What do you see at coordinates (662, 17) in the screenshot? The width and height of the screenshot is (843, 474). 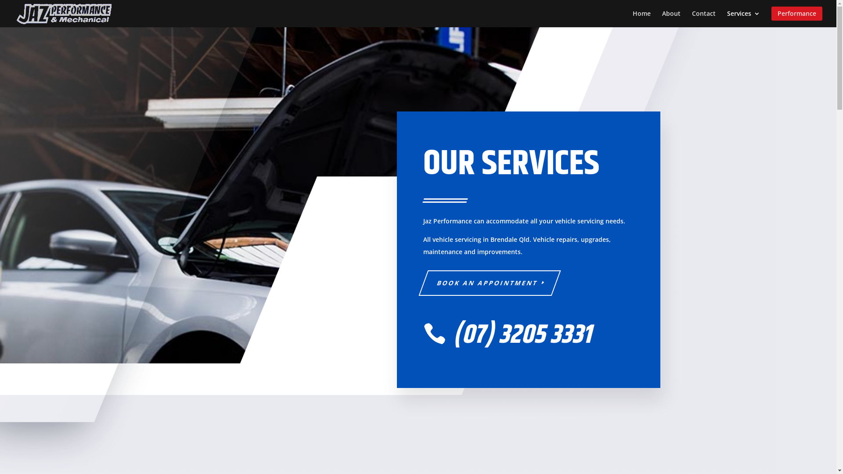 I see `'About'` at bounding box center [662, 17].